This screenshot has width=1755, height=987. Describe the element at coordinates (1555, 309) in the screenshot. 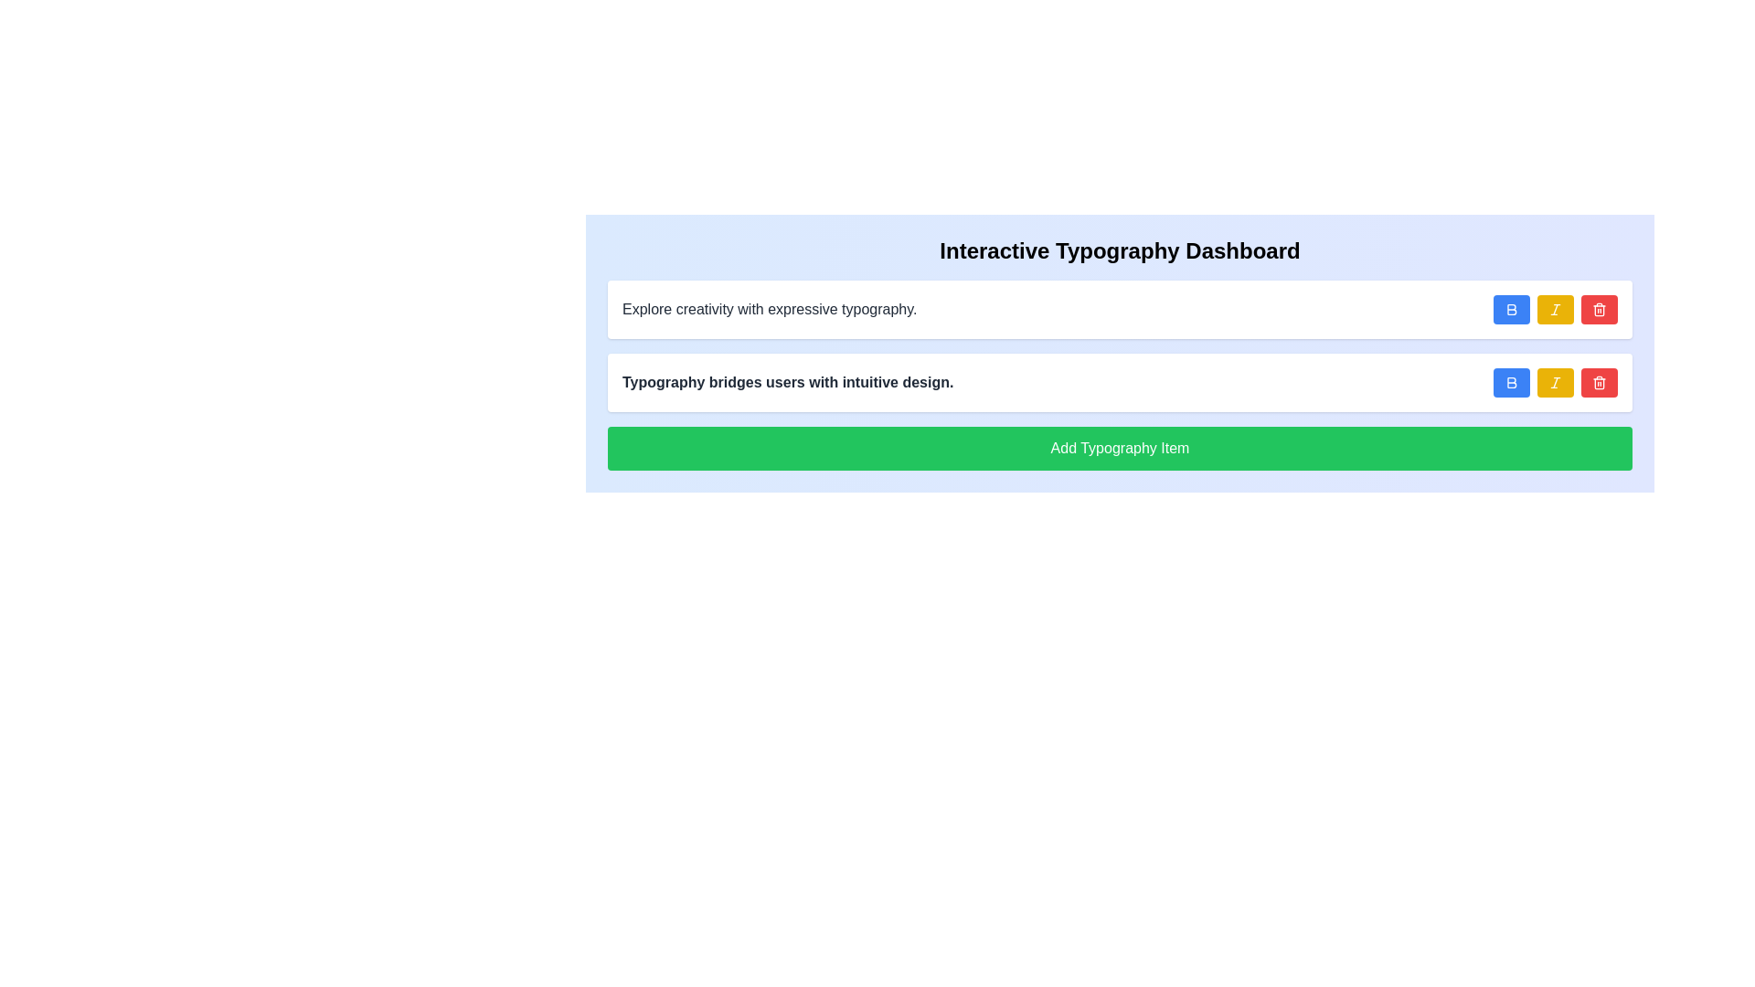

I see `the italic style icon, which is a thin vertical line with a slanted orientation, located in the second row of action buttons to the right of the second input box` at that location.